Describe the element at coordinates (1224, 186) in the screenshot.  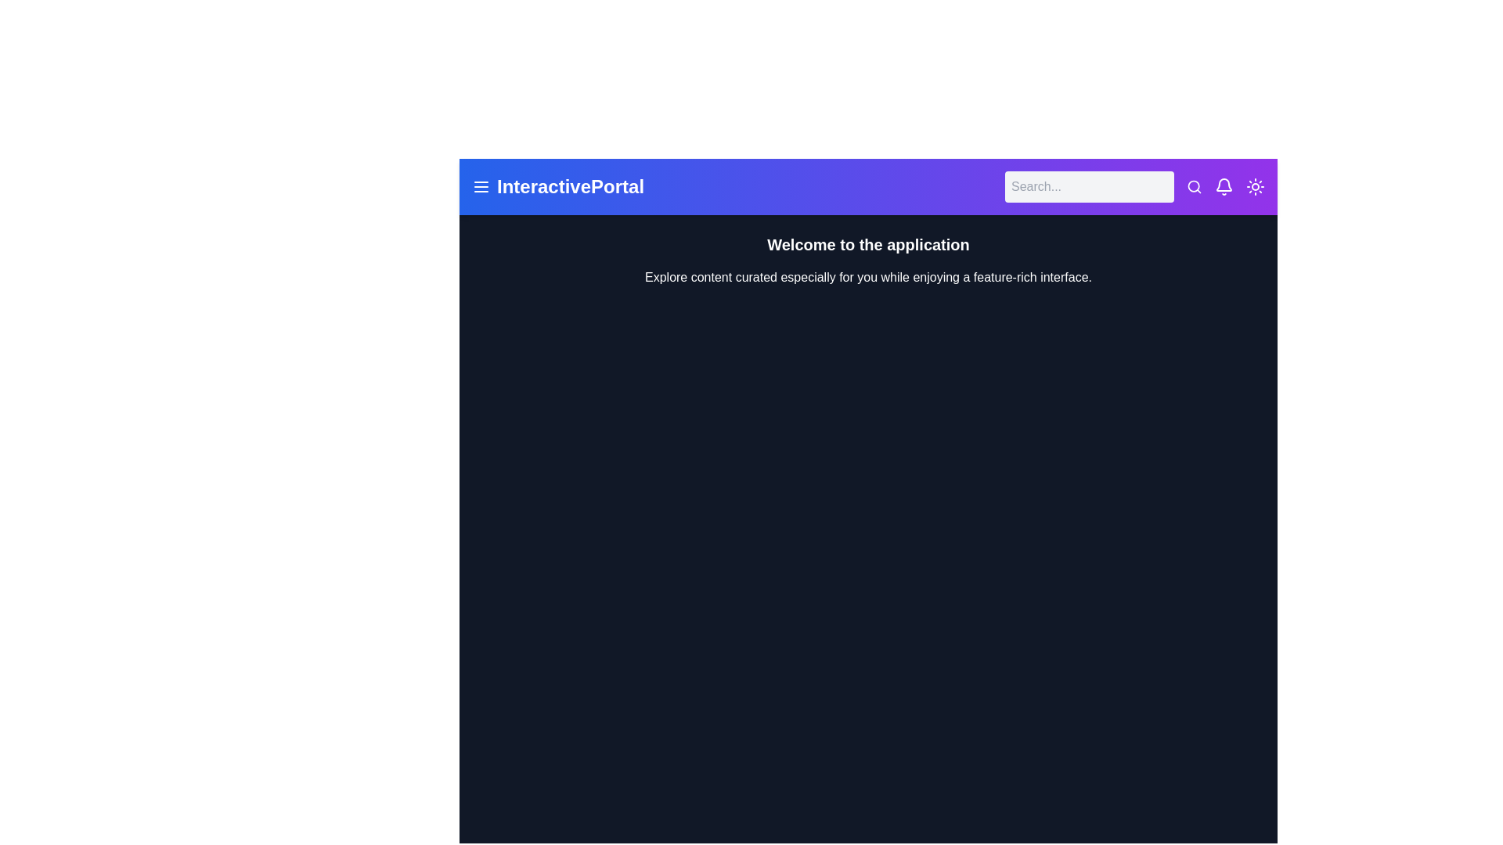
I see `the element with lucide-bell class` at that location.